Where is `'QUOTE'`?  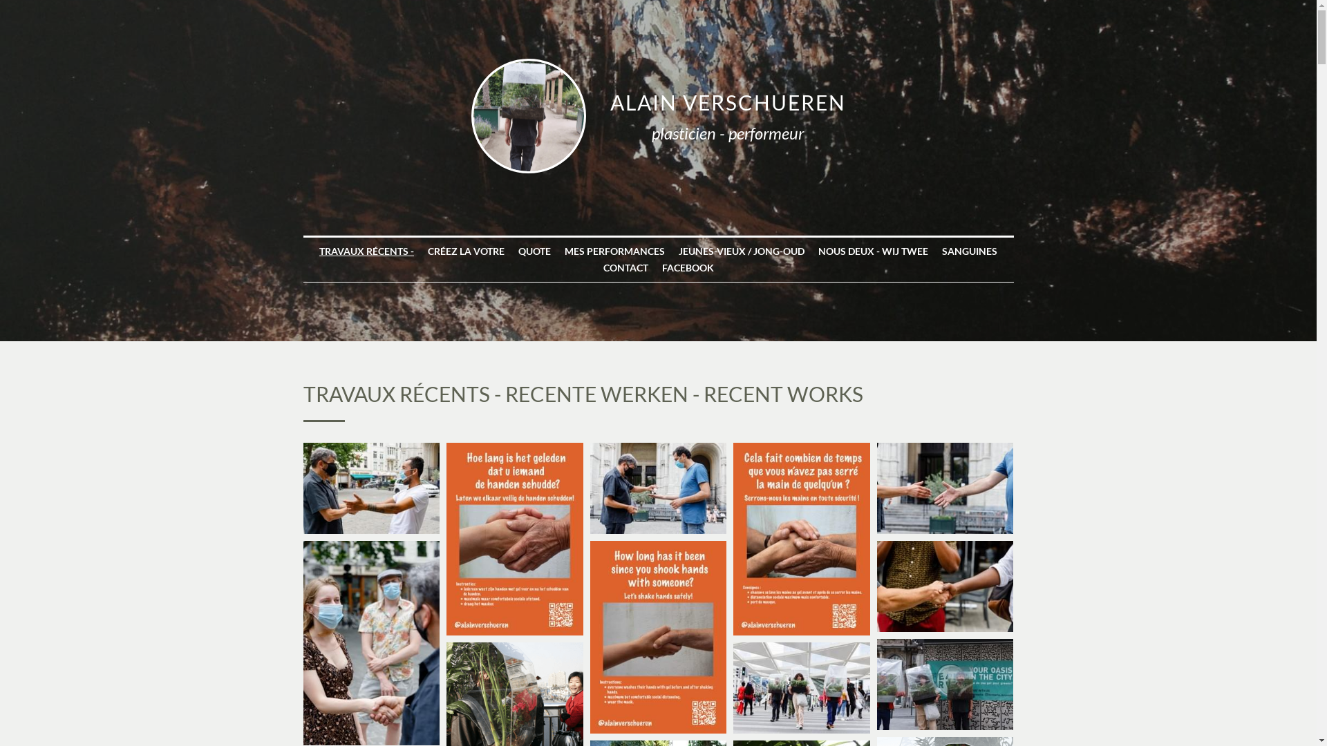 'QUOTE' is located at coordinates (534, 251).